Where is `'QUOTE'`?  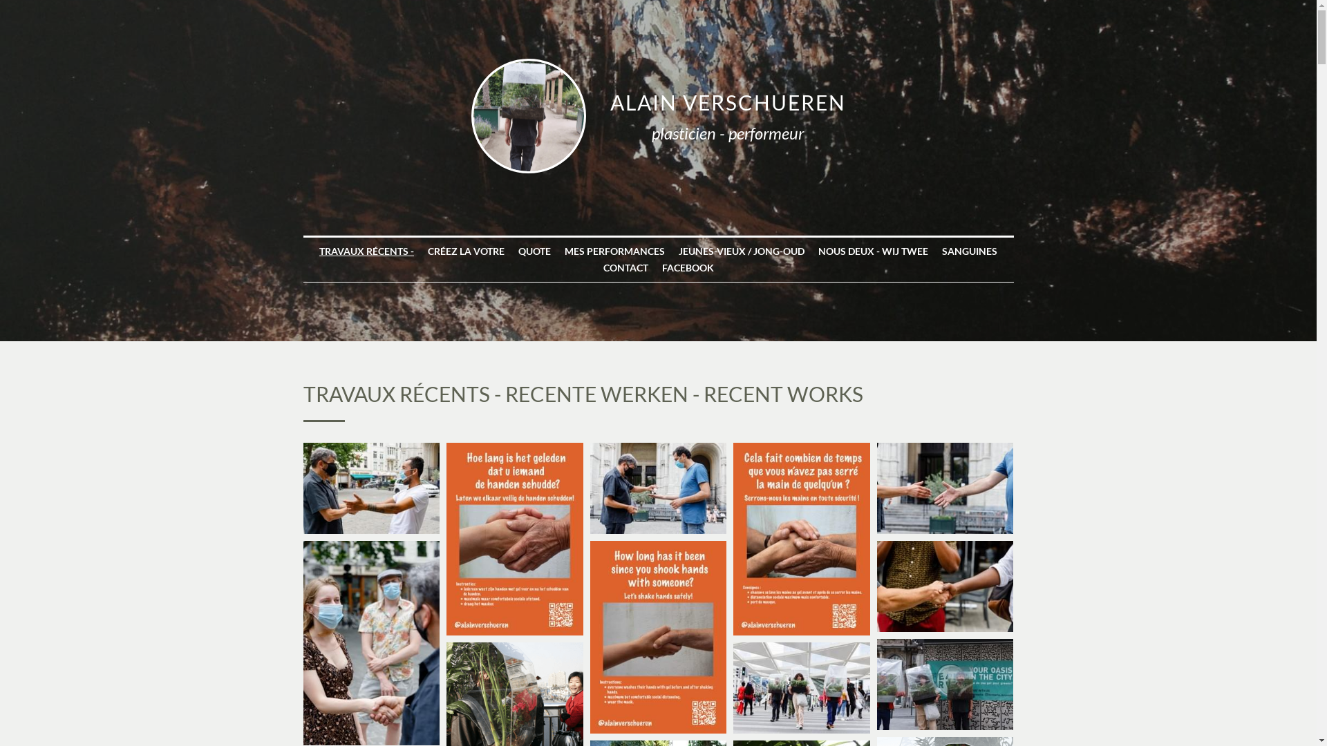 'QUOTE' is located at coordinates (534, 251).